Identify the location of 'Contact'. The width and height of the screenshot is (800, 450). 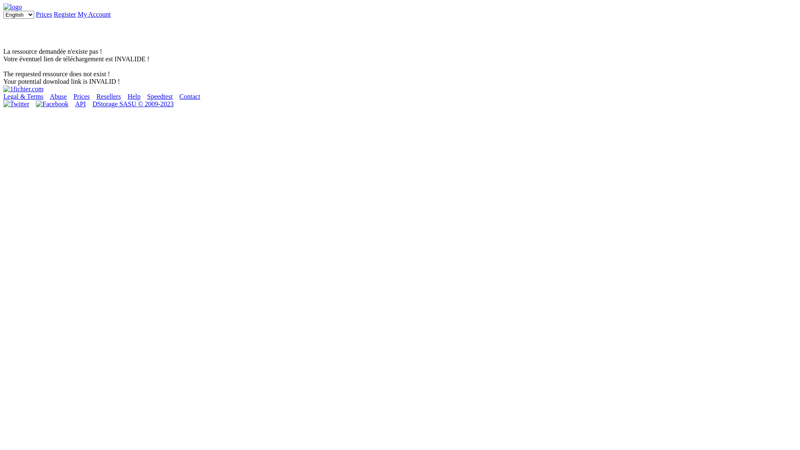
(190, 96).